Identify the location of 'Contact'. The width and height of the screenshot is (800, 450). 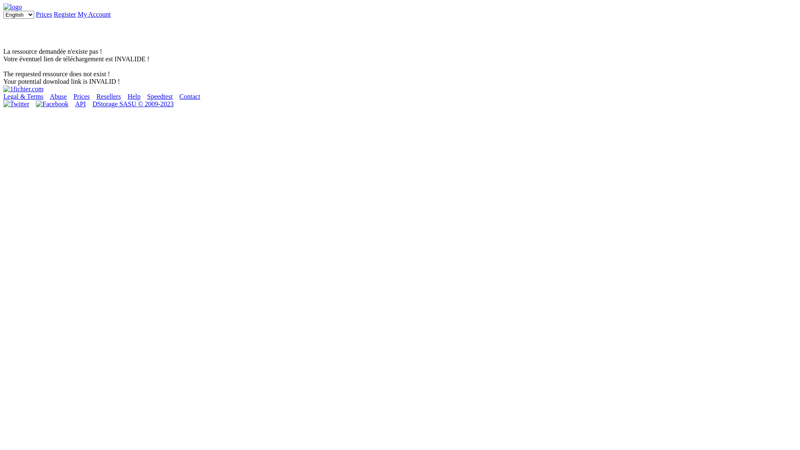
(190, 96).